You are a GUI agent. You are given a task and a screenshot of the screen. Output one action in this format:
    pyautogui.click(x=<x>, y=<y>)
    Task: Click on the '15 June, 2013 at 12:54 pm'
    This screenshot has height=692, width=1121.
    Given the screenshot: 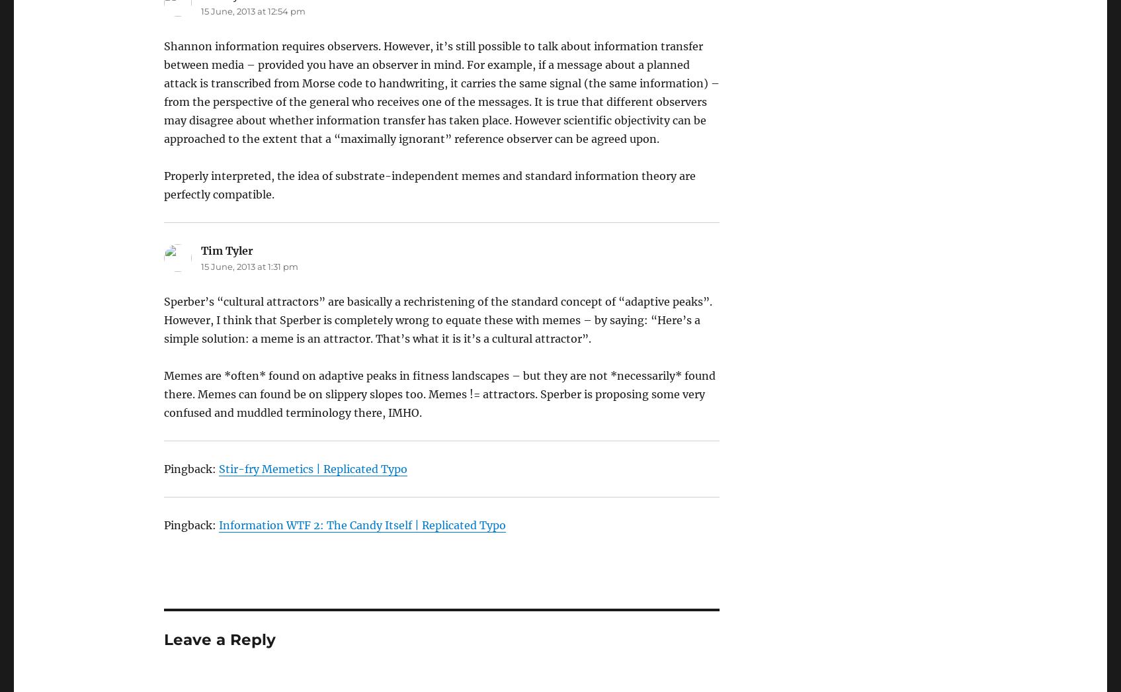 What is the action you would take?
    pyautogui.click(x=252, y=11)
    